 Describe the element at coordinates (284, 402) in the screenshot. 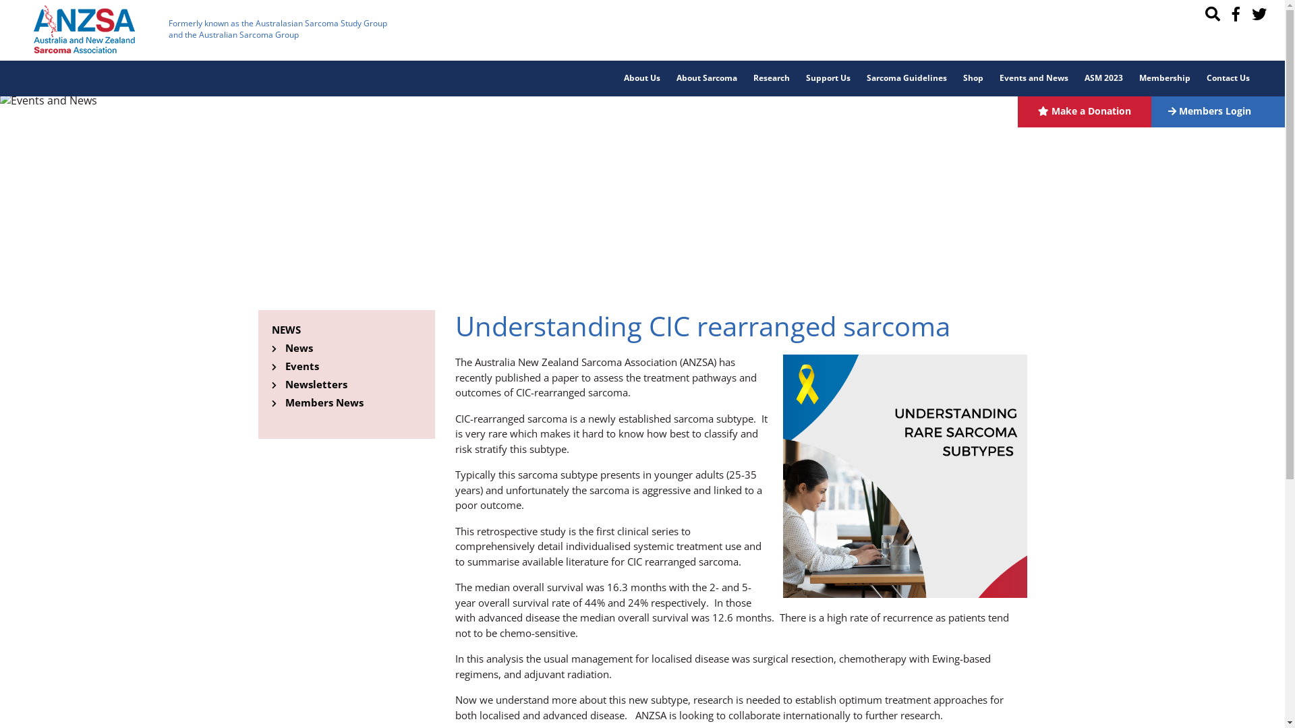

I see `'Members News'` at that location.